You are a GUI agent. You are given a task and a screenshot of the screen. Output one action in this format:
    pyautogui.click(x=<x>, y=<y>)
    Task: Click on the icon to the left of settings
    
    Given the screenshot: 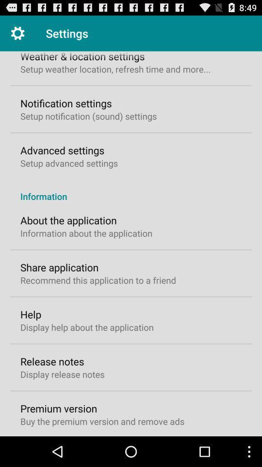 What is the action you would take?
    pyautogui.click(x=17, y=33)
    